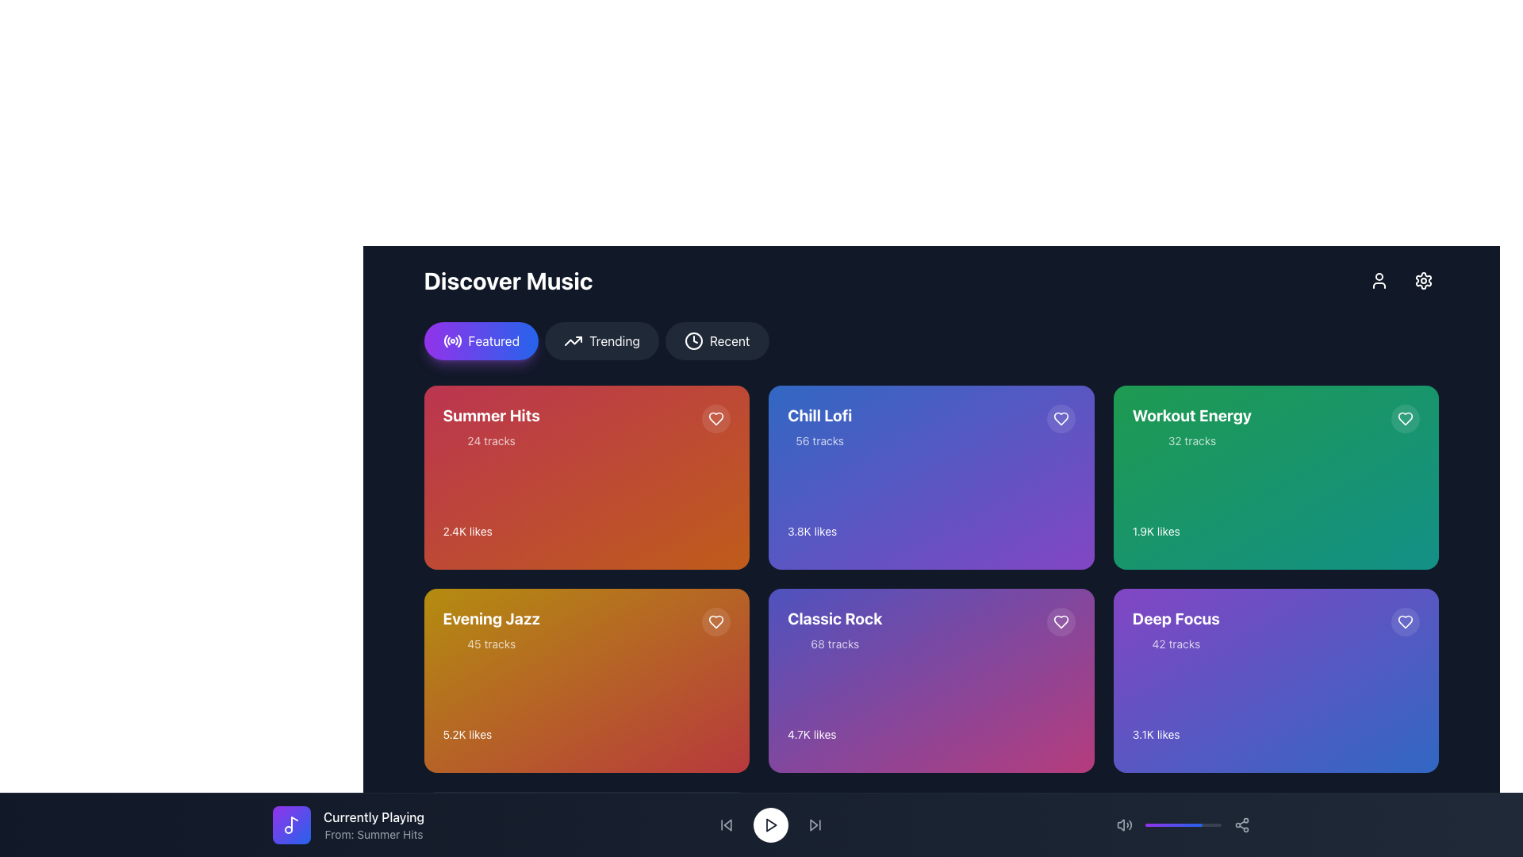  I want to click on the bold, large white text label 'Deep Focus', so click(1176, 617).